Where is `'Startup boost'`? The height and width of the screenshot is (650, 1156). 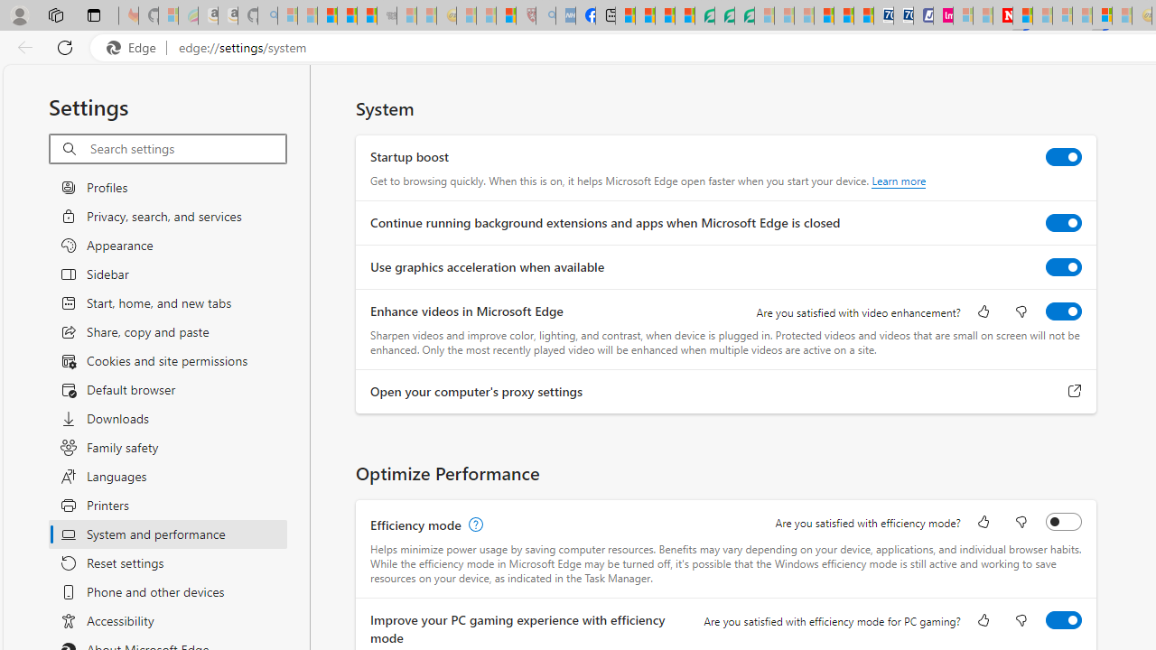
'Startup boost' is located at coordinates (1064, 156).